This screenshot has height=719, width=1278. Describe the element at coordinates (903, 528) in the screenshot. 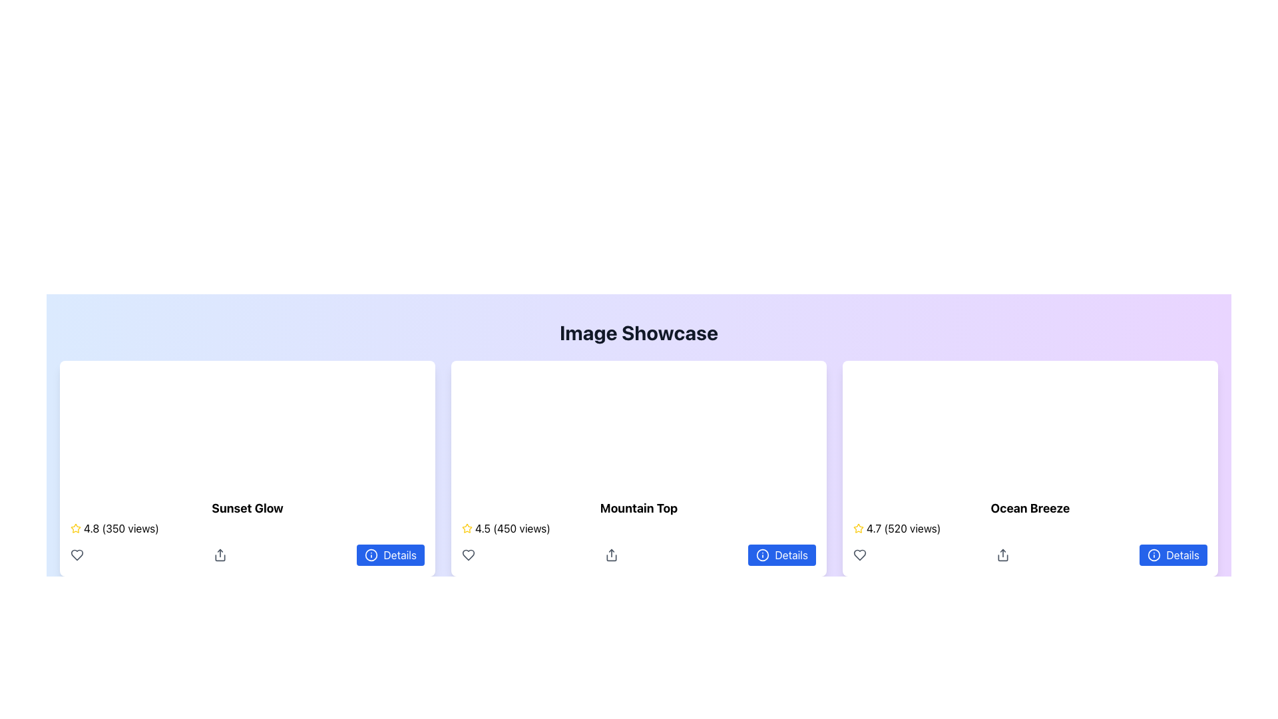

I see `the static text label displaying the rating score and view count for the item titled 'Ocean Breeze', which is located in the rightmost column of the layout adjacent to a yellow star icon` at that location.